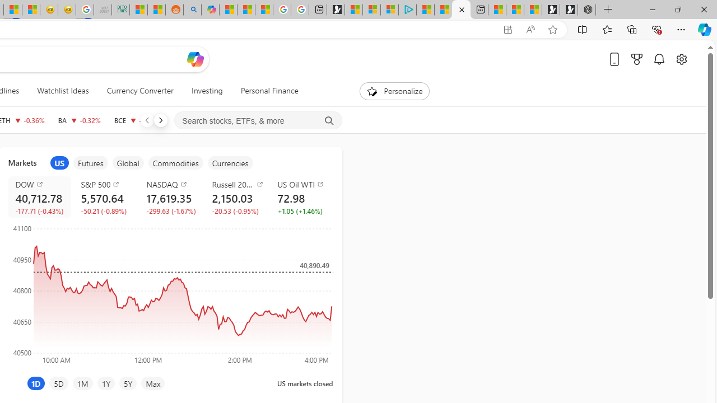 Image resolution: width=717 pixels, height=403 pixels. Describe the element at coordinates (59, 163) in the screenshot. I see `'item1'` at that location.